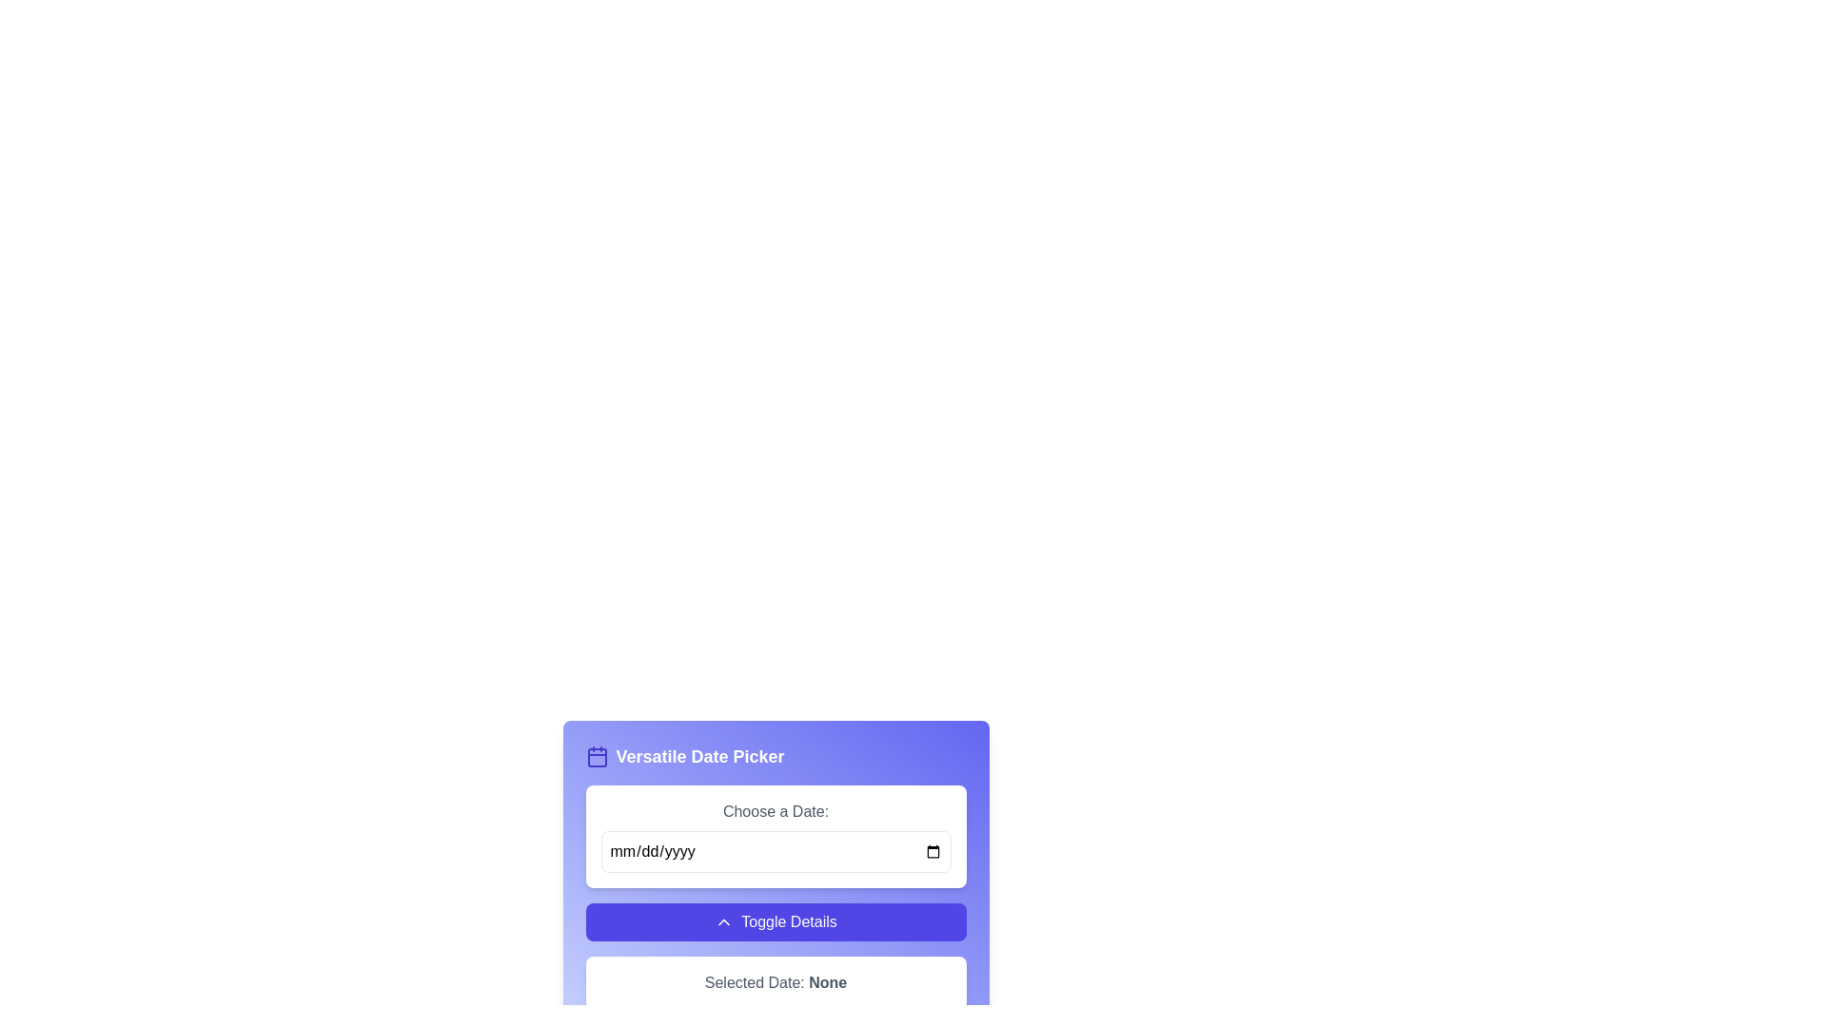  What do you see at coordinates (723, 920) in the screenshot?
I see `the chevron icon on the 'Toggle Details' button` at bounding box center [723, 920].